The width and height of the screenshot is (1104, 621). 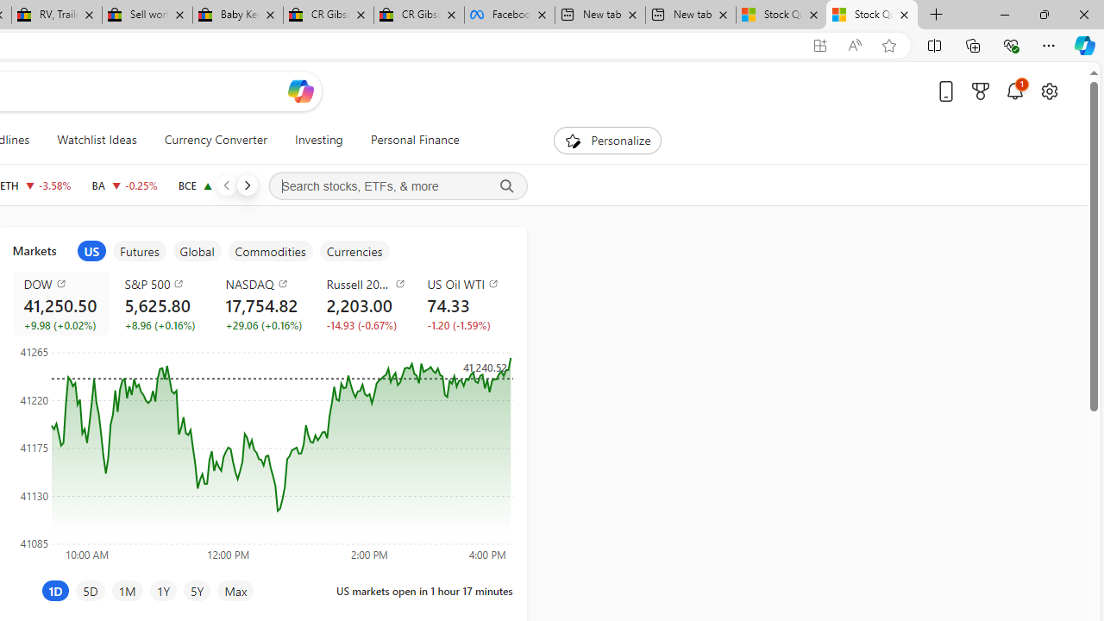 I want to click on 'BCE BCE Inc increase 35.22 +0.08 +0.23%', so click(x=214, y=185).